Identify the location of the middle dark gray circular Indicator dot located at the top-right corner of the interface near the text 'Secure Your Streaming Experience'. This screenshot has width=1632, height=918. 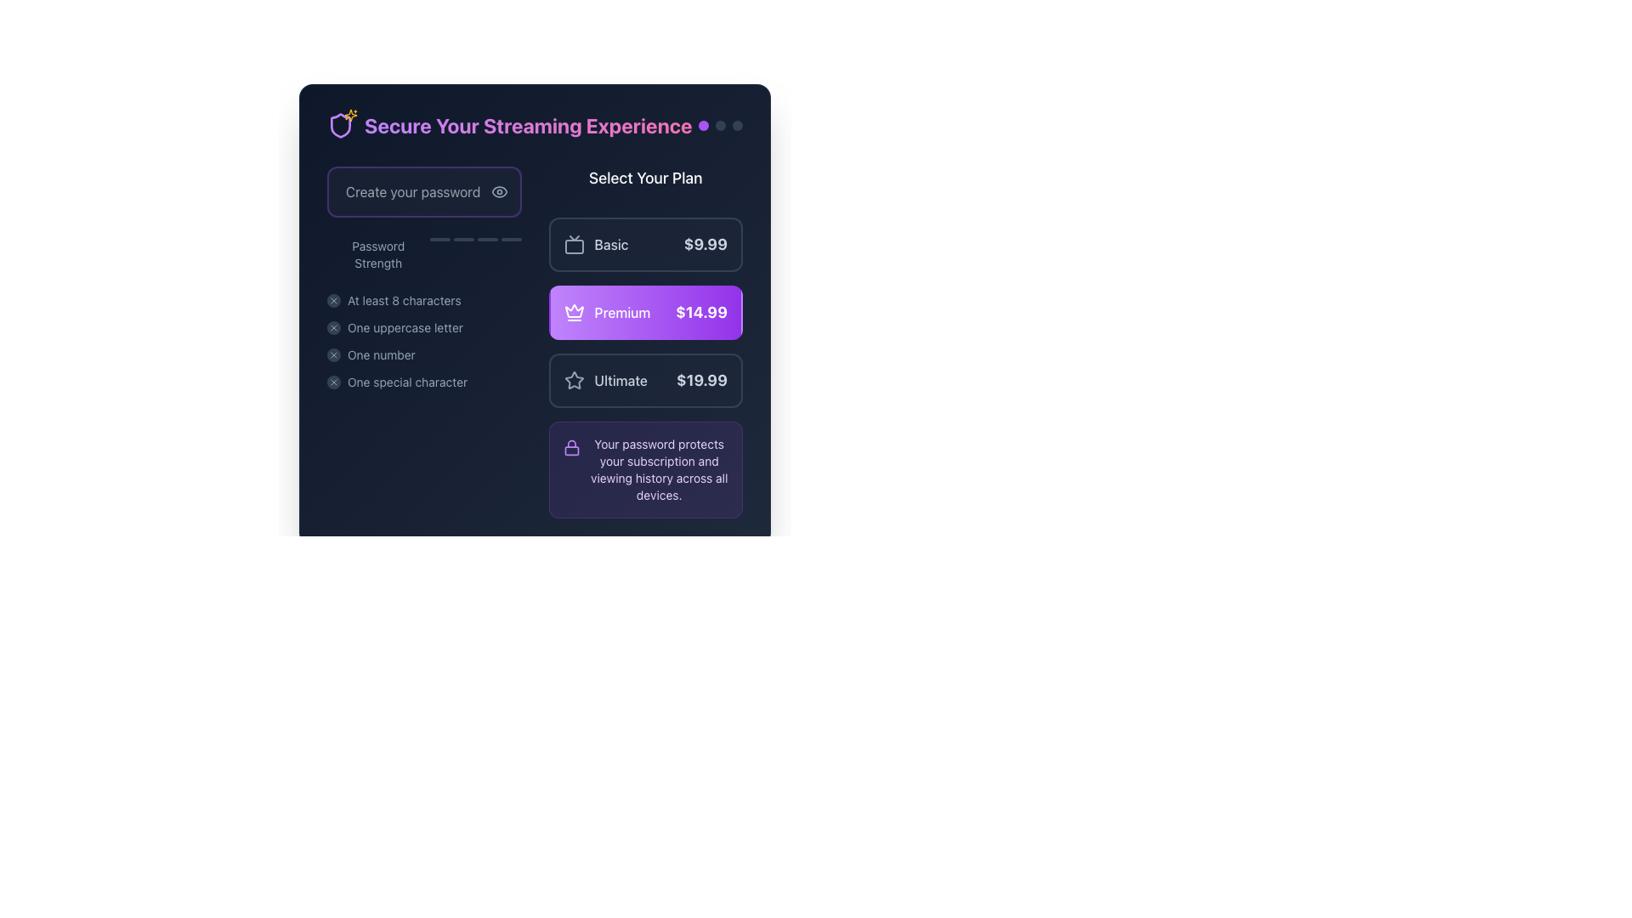
(721, 124).